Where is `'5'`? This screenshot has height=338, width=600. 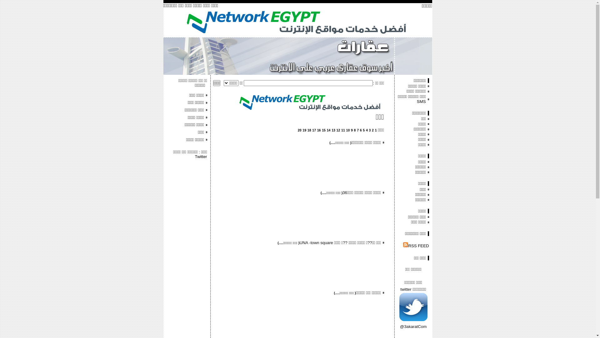 '5' is located at coordinates (363, 130).